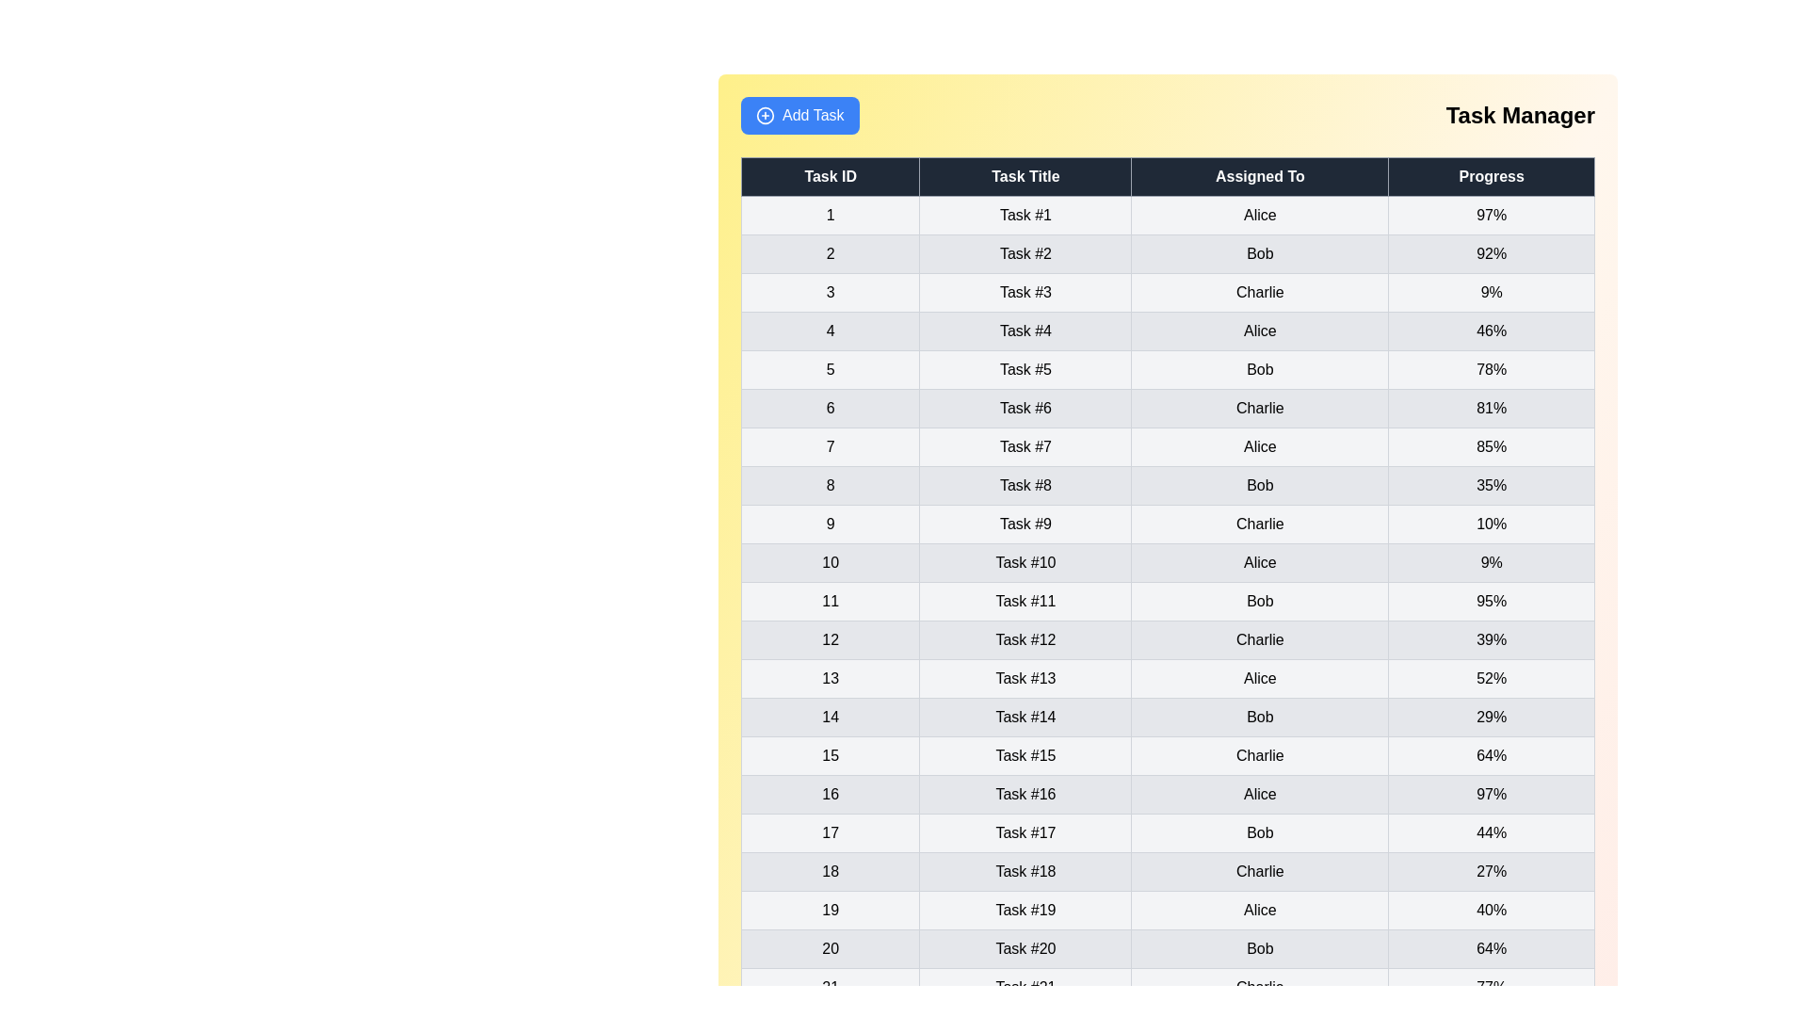  What do you see at coordinates (1260, 177) in the screenshot?
I see `the column header to sort the table by Assigned To` at bounding box center [1260, 177].